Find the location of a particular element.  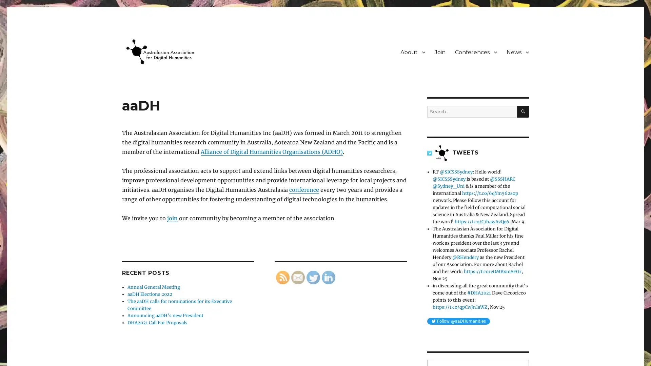

SEARCH is located at coordinates (522, 111).